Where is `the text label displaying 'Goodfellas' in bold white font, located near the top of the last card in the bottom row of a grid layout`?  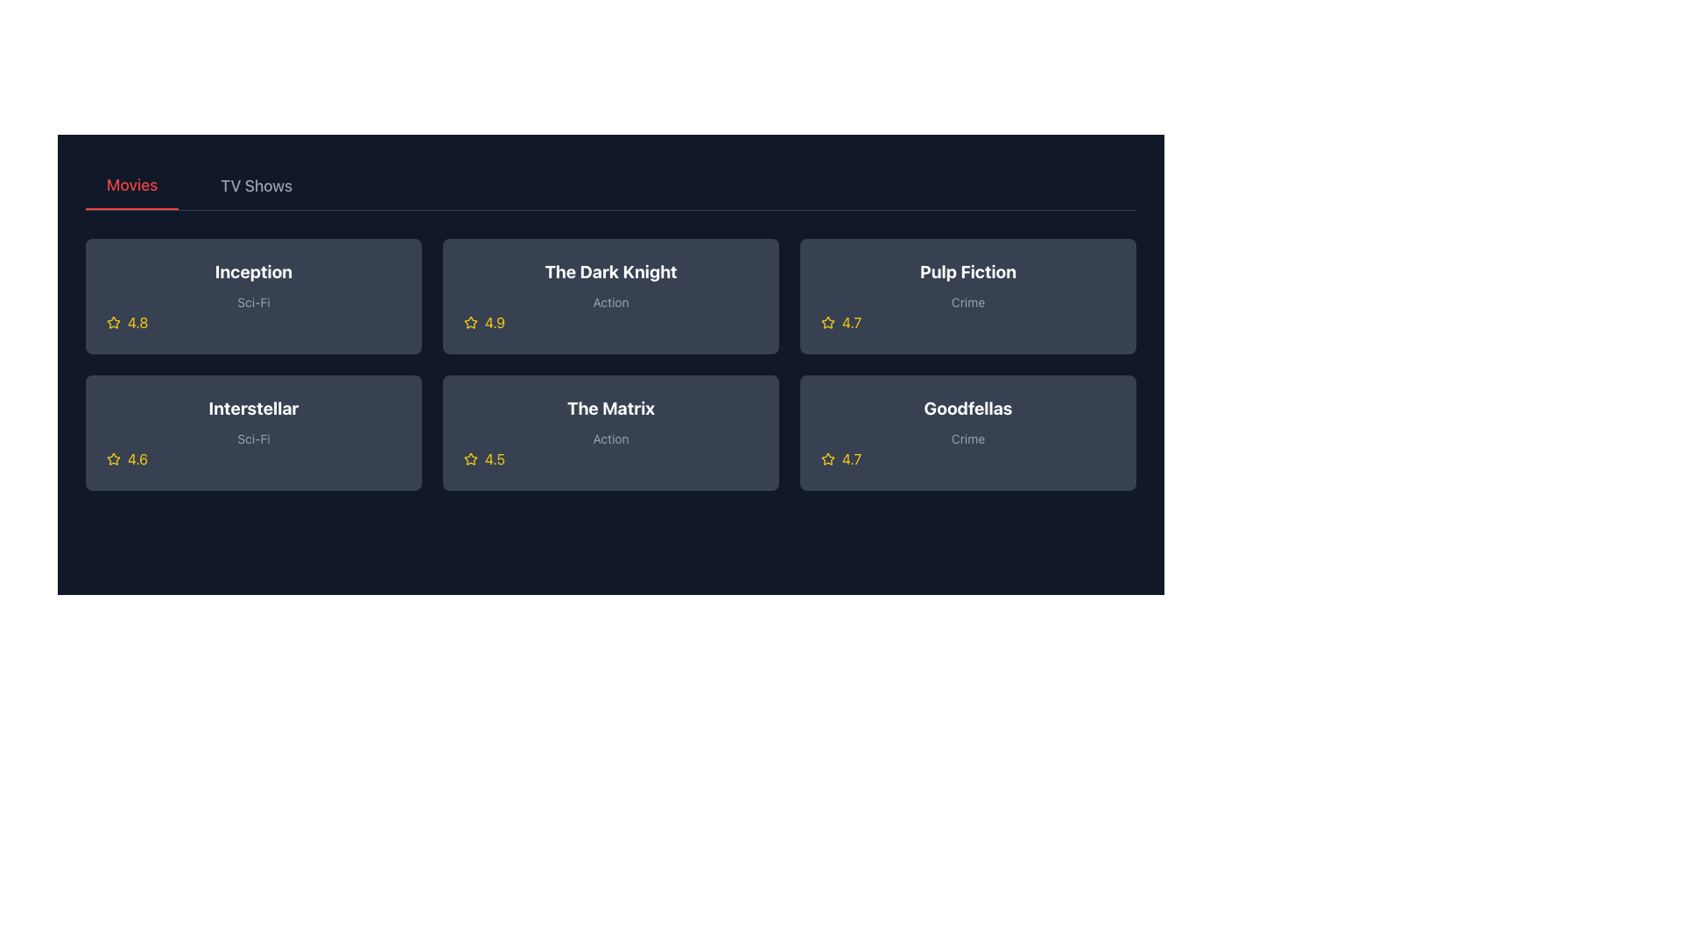 the text label displaying 'Goodfellas' in bold white font, located near the top of the last card in the bottom row of a grid layout is located at coordinates (967, 408).